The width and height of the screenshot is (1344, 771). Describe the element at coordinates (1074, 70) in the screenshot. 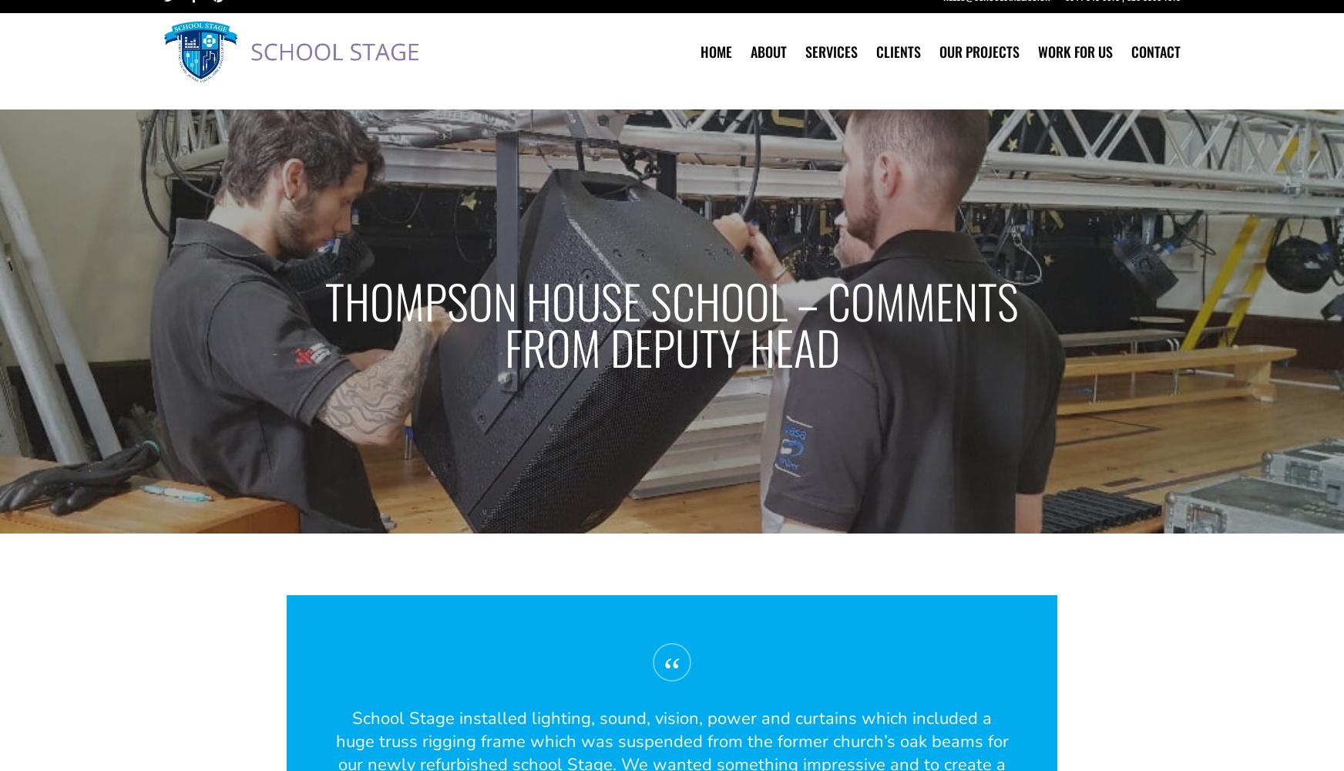

I see `'Work For Us'` at that location.